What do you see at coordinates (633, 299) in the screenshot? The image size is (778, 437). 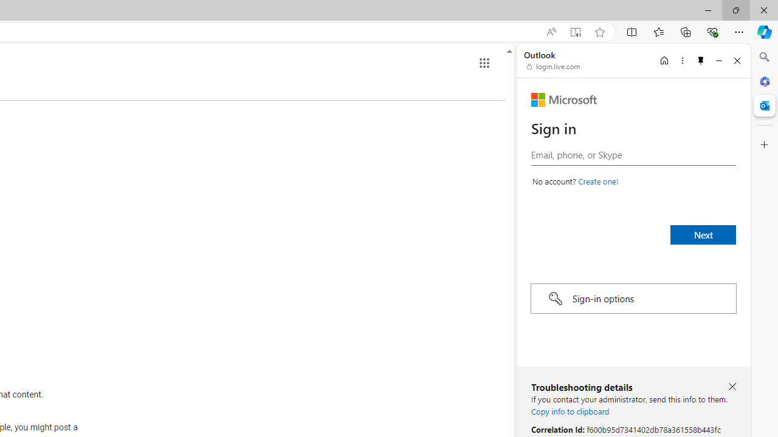 I see `'Sign-in options'` at bounding box center [633, 299].